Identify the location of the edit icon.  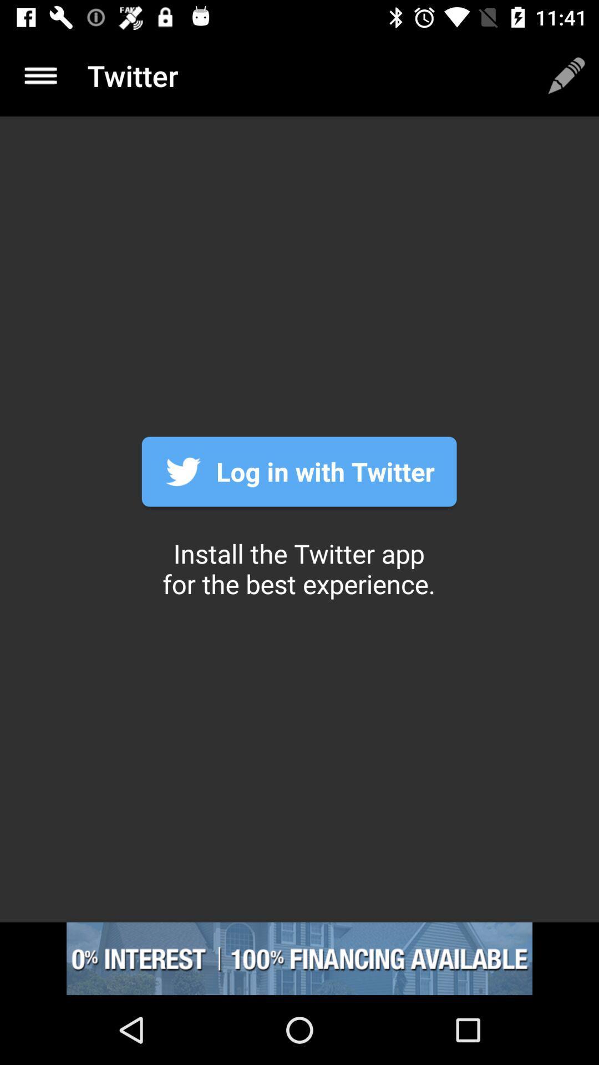
(566, 75).